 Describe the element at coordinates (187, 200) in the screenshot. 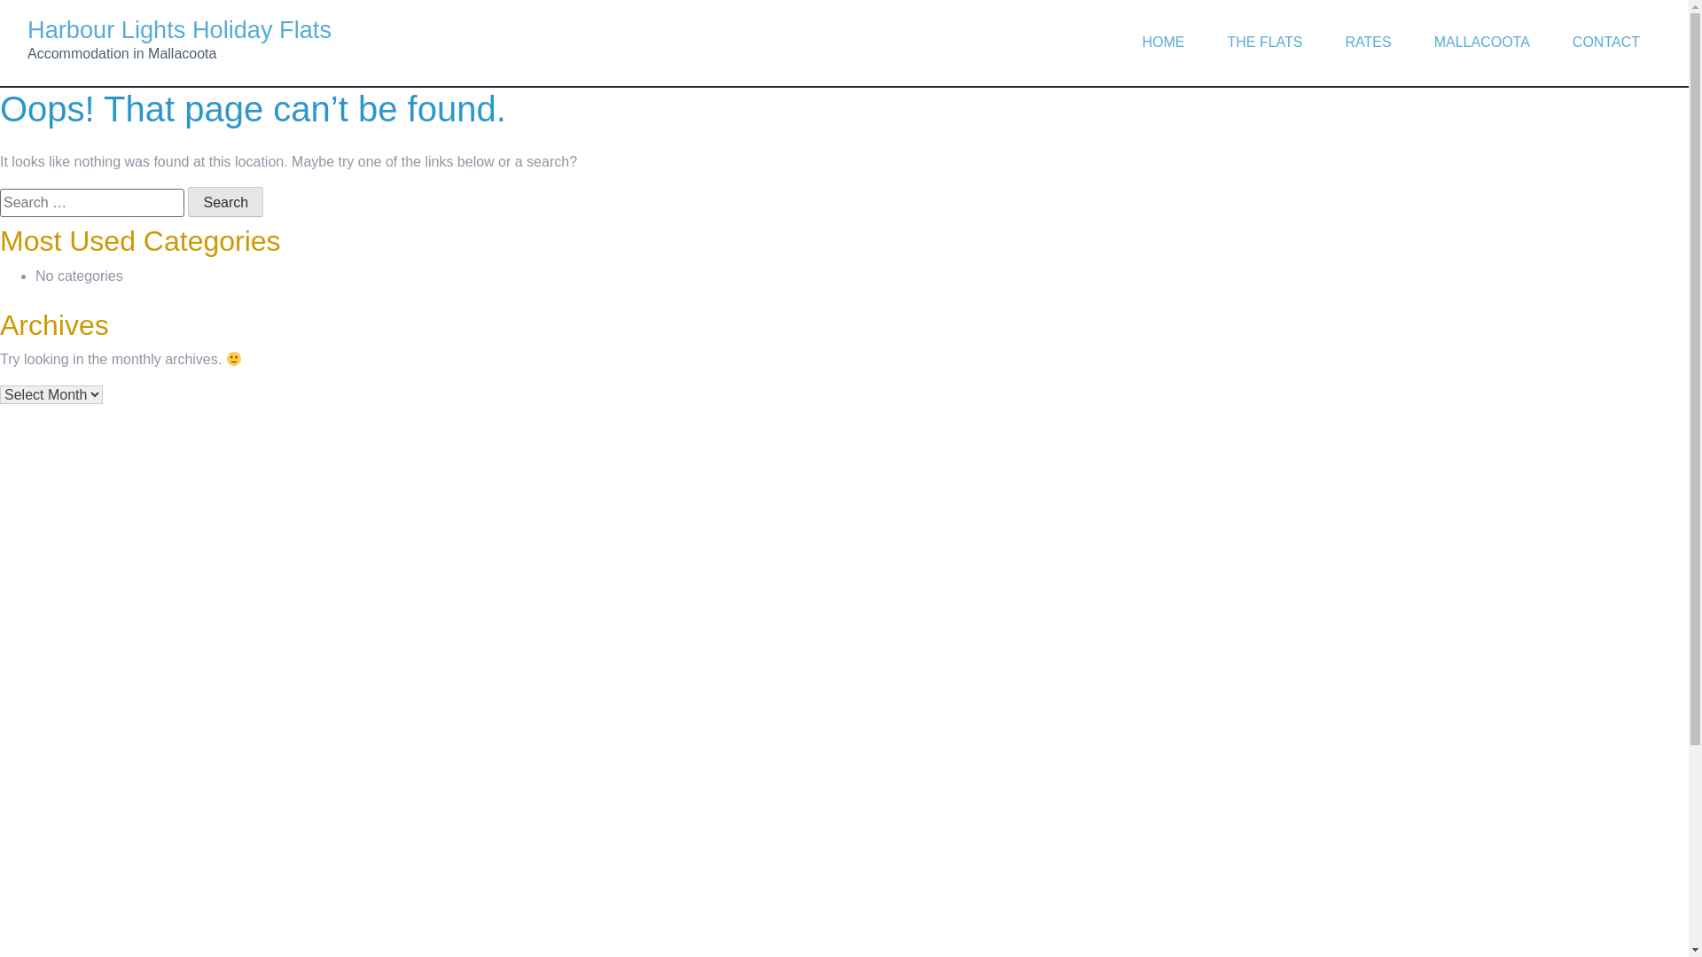

I see `'Search'` at that location.